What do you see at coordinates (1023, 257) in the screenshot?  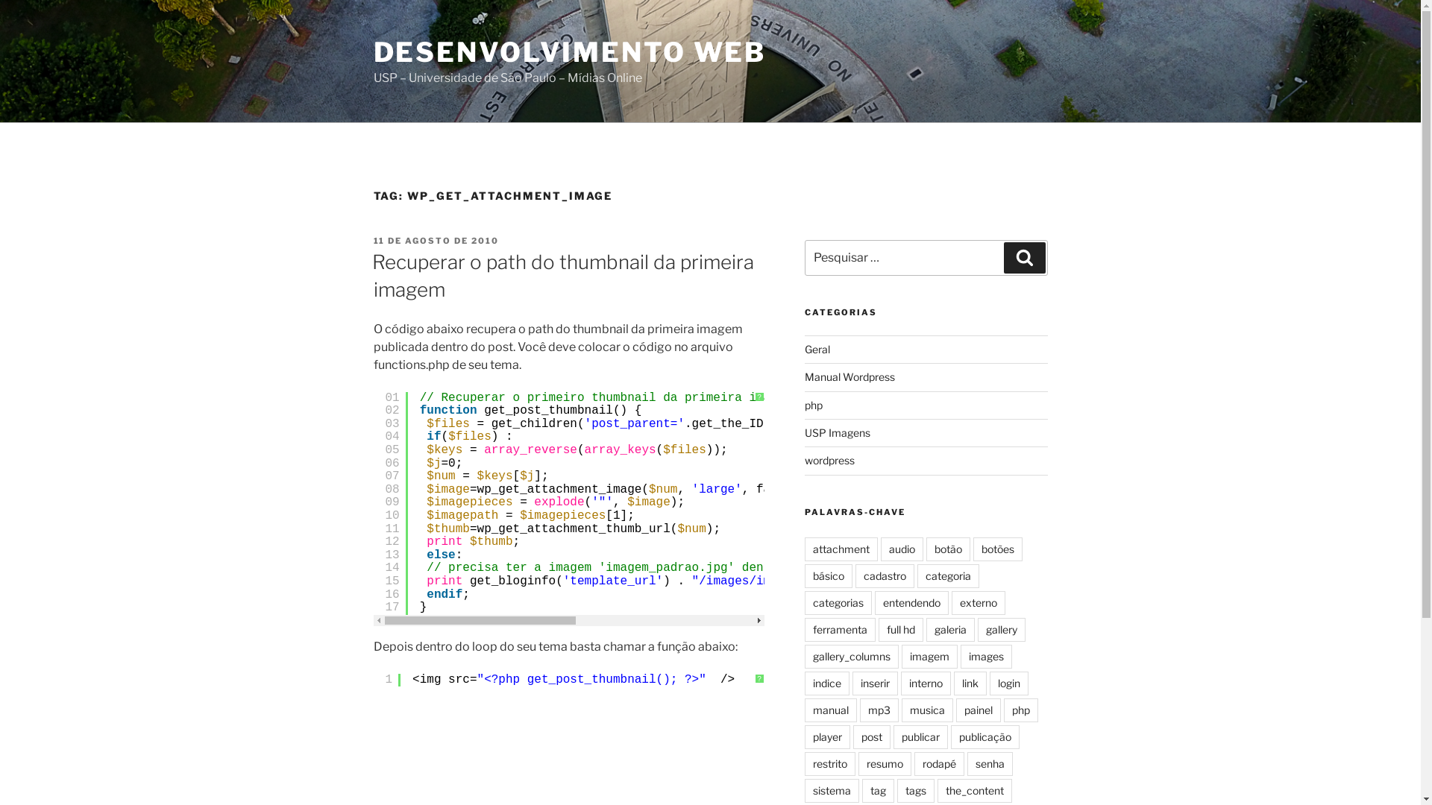 I see `'Pesquisar'` at bounding box center [1023, 257].